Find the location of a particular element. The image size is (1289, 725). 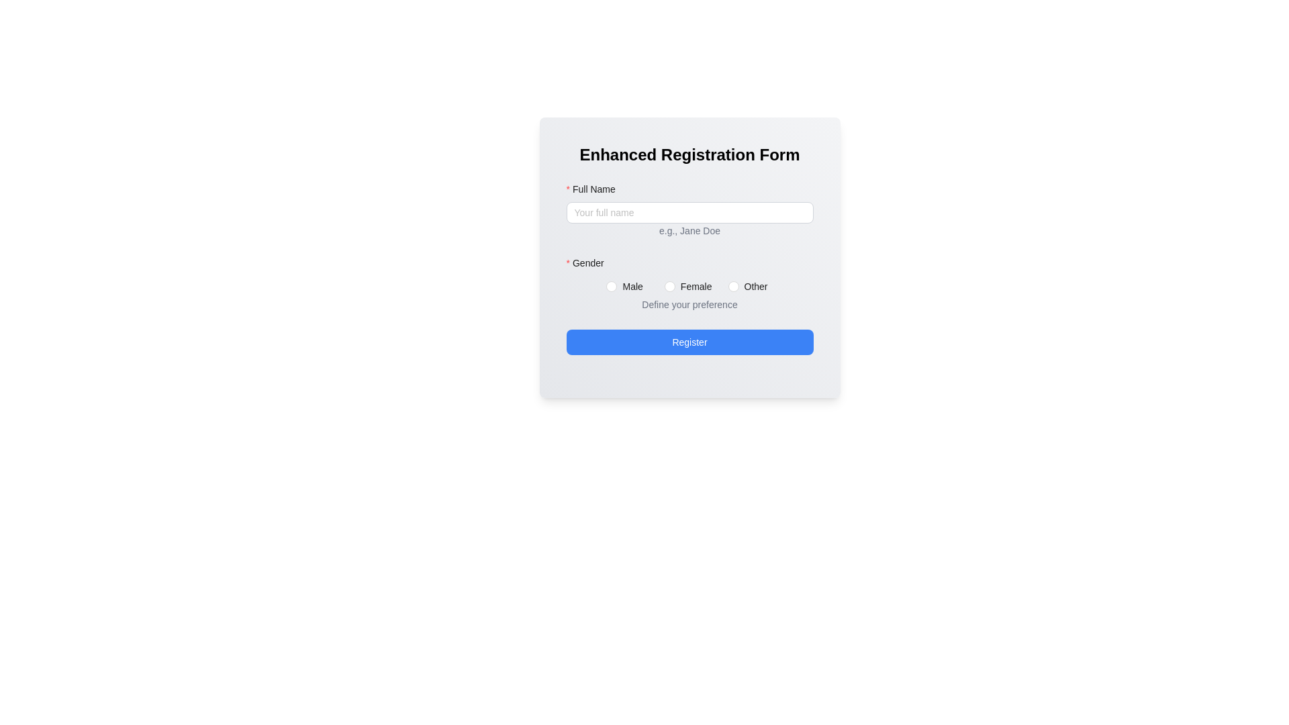

the static text label displaying 'e.g., Jane Doe', which is located directly below the full name input field is located at coordinates (689, 220).